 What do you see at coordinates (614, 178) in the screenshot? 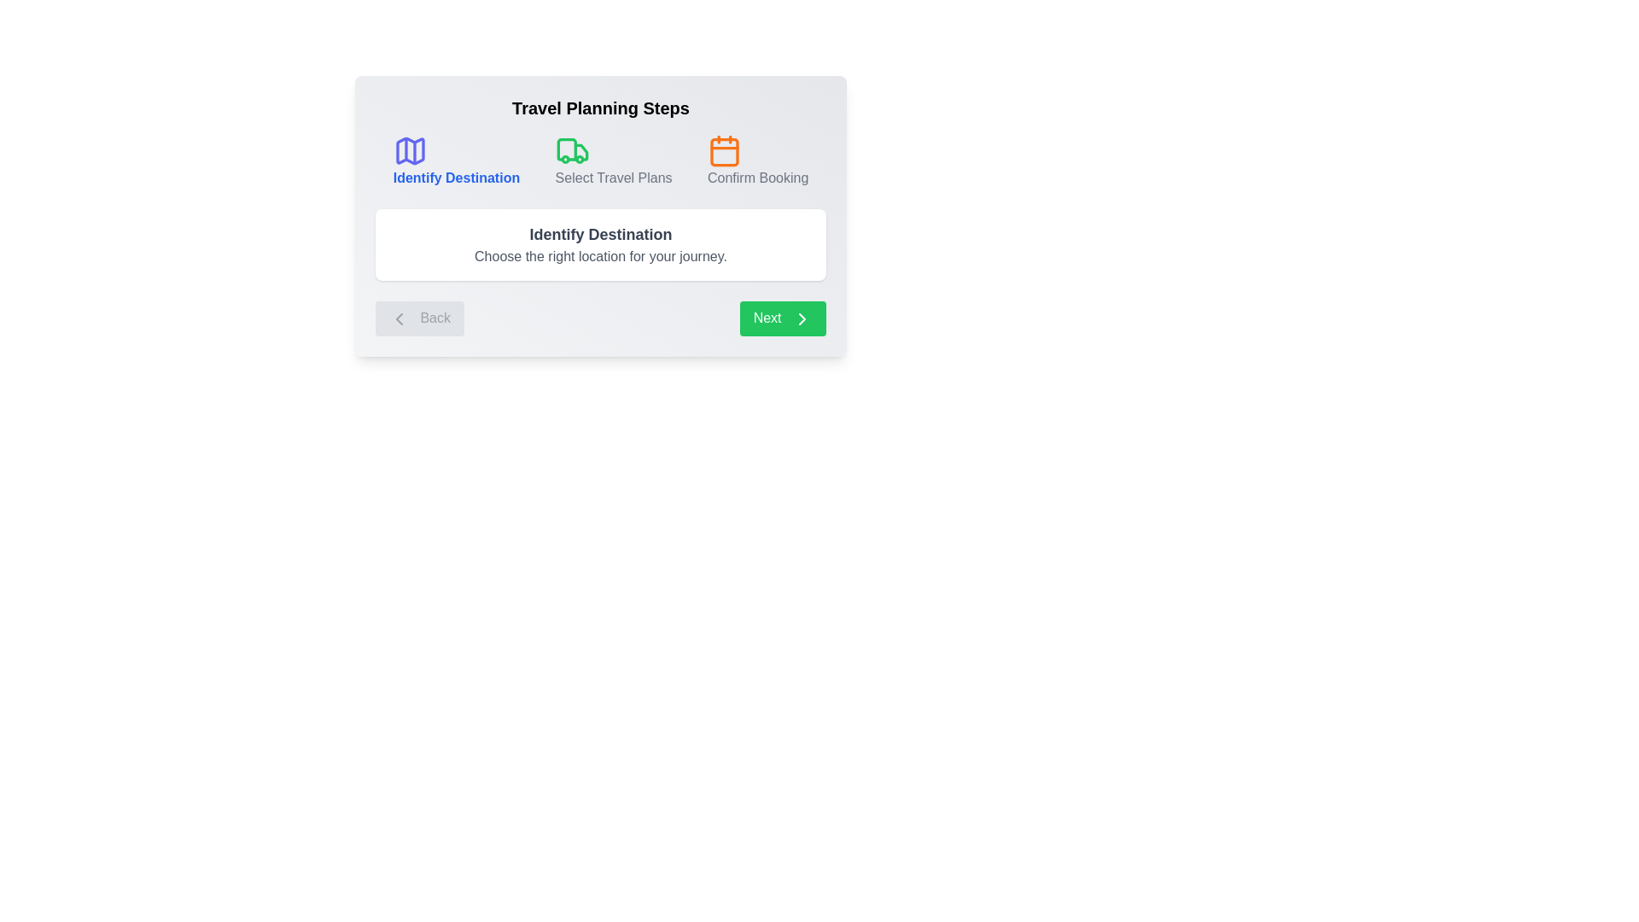
I see `the label that displays the text 'Select Travel Plans', which is styled in gray and centered below the vehicle icon in the 'Travel Planning Steps' section` at bounding box center [614, 178].